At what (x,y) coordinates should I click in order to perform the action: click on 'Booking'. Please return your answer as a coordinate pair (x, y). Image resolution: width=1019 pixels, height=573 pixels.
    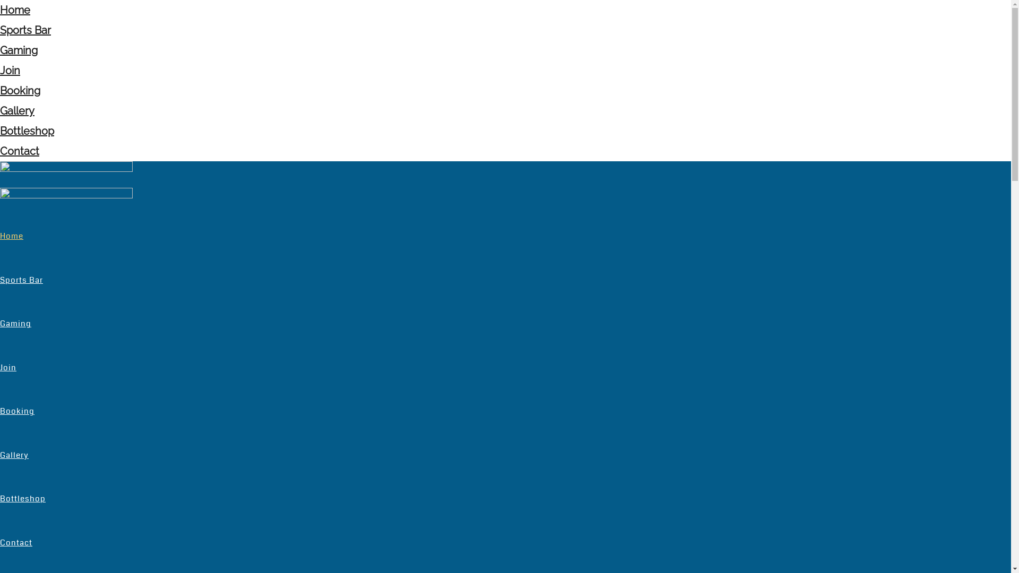
    Looking at the image, I should click on (17, 411).